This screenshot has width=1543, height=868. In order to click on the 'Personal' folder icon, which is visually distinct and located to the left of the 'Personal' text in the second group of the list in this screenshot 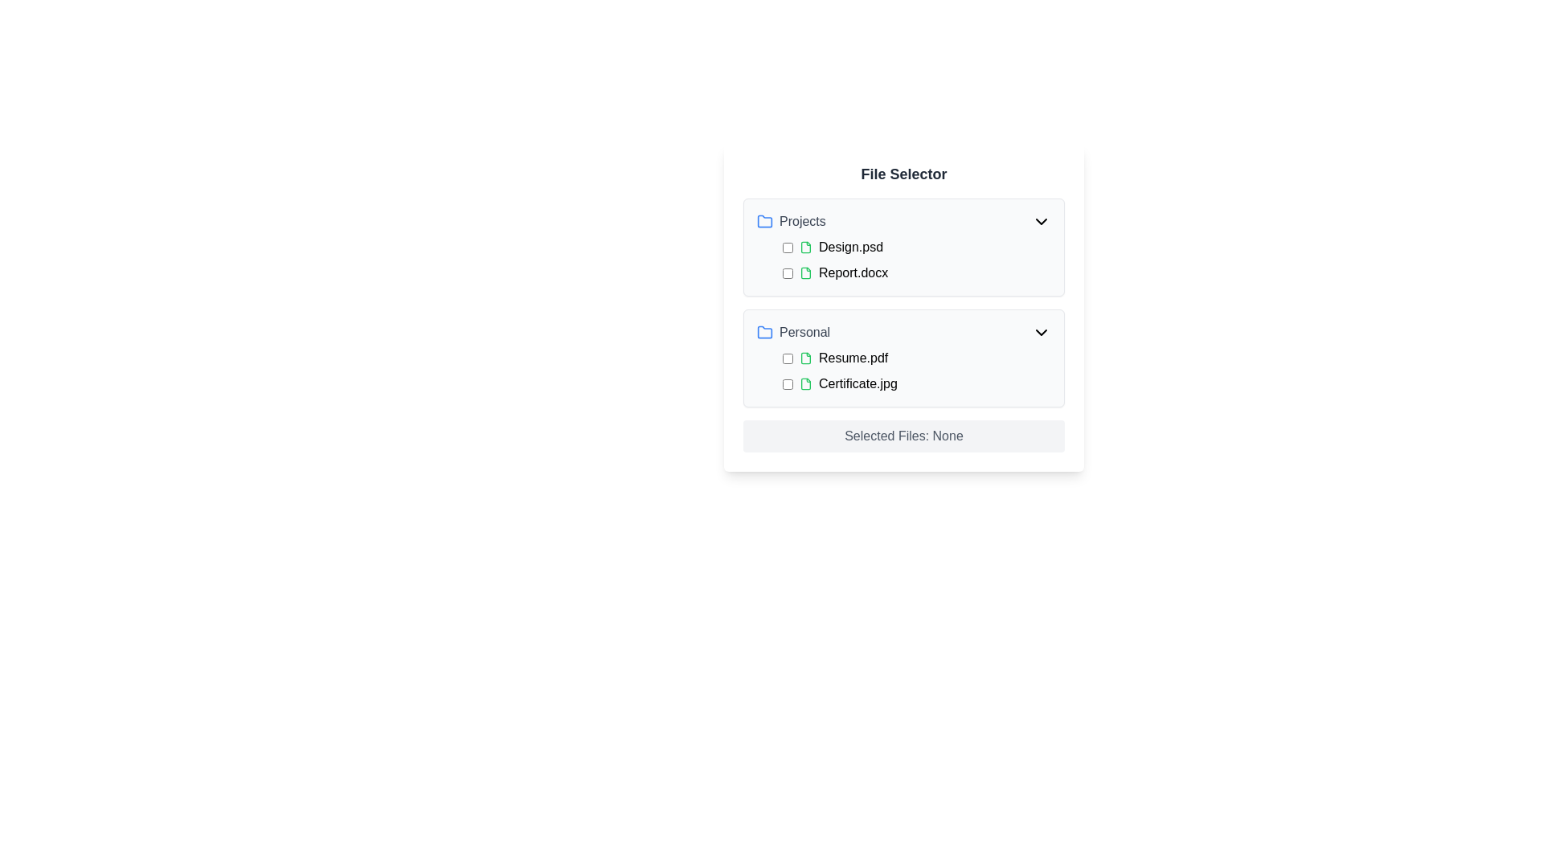, I will do `click(763, 331)`.